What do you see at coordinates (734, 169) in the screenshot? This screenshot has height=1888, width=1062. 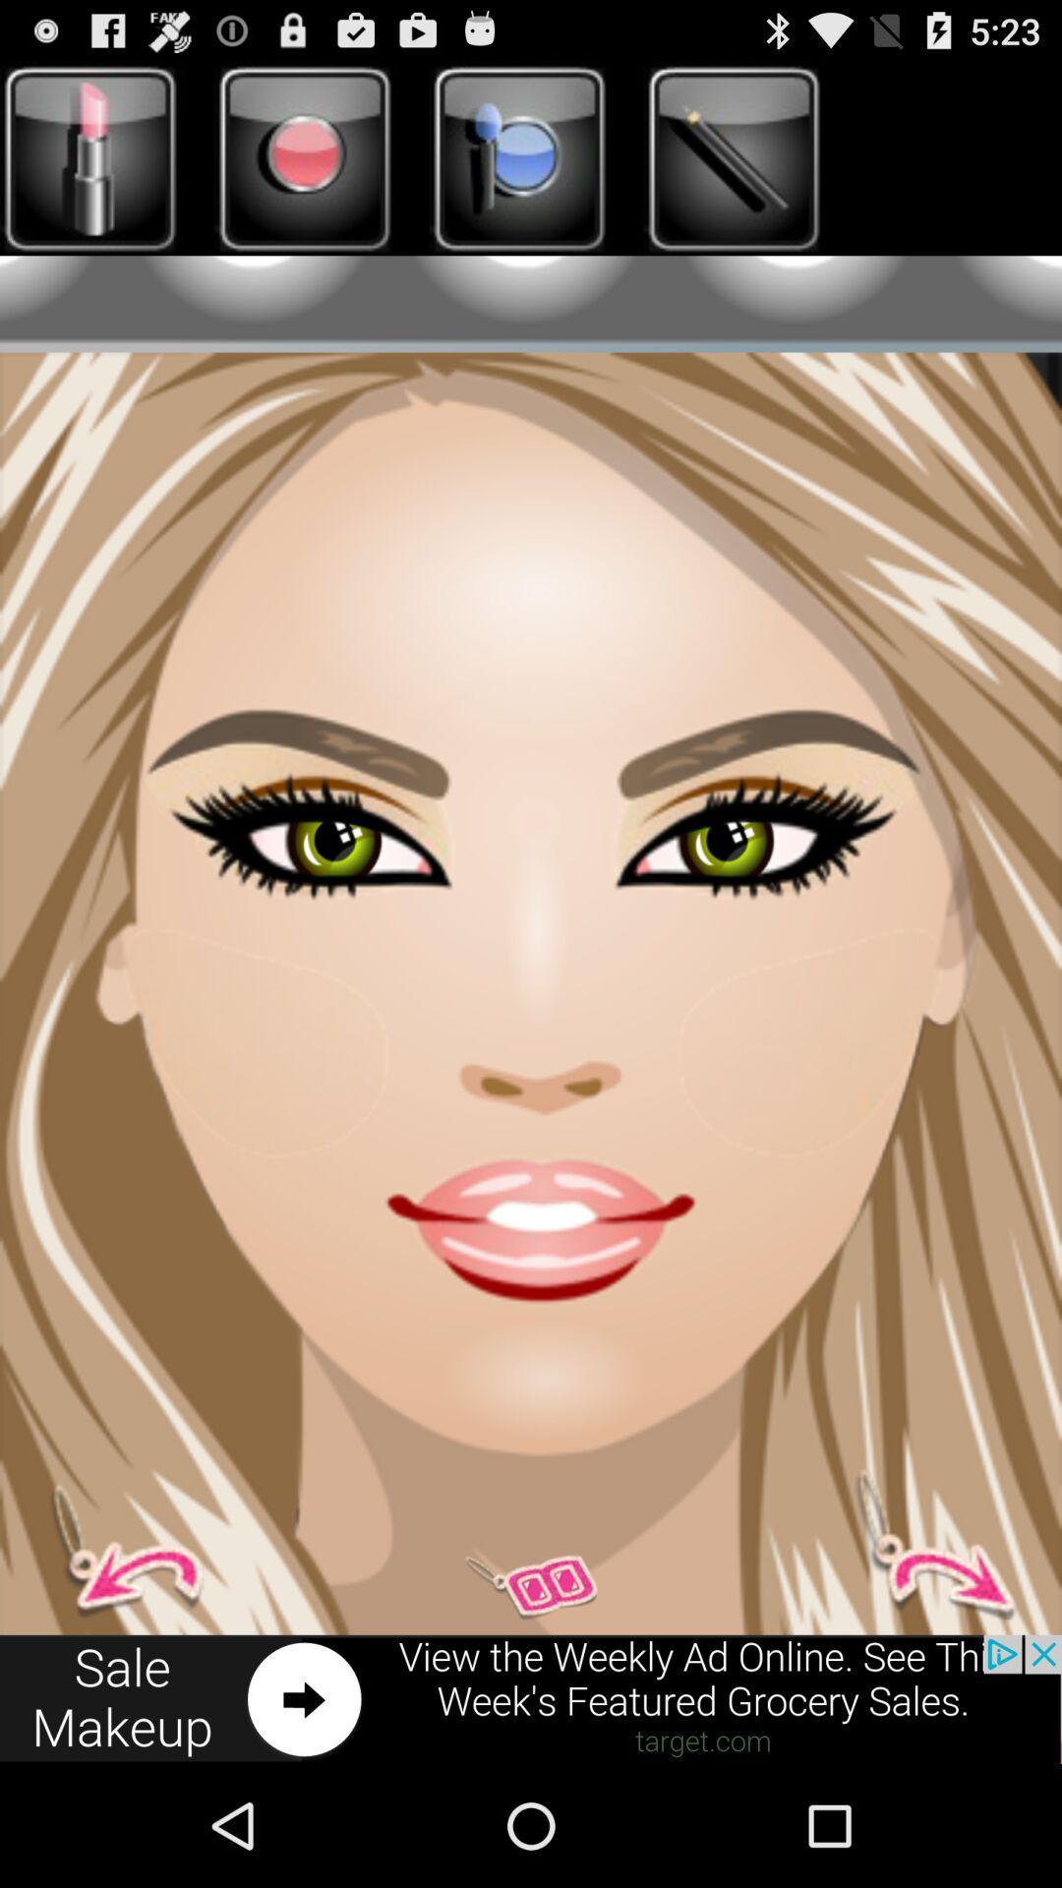 I see `the edit icon` at bounding box center [734, 169].